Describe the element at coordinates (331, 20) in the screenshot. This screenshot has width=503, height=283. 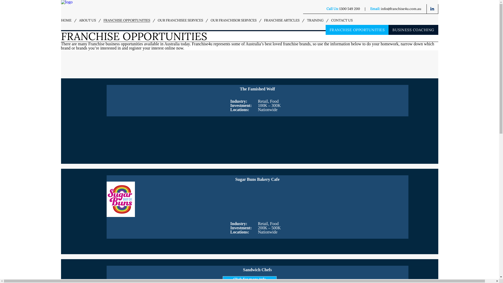
I see `'CONTACT US'` at that location.